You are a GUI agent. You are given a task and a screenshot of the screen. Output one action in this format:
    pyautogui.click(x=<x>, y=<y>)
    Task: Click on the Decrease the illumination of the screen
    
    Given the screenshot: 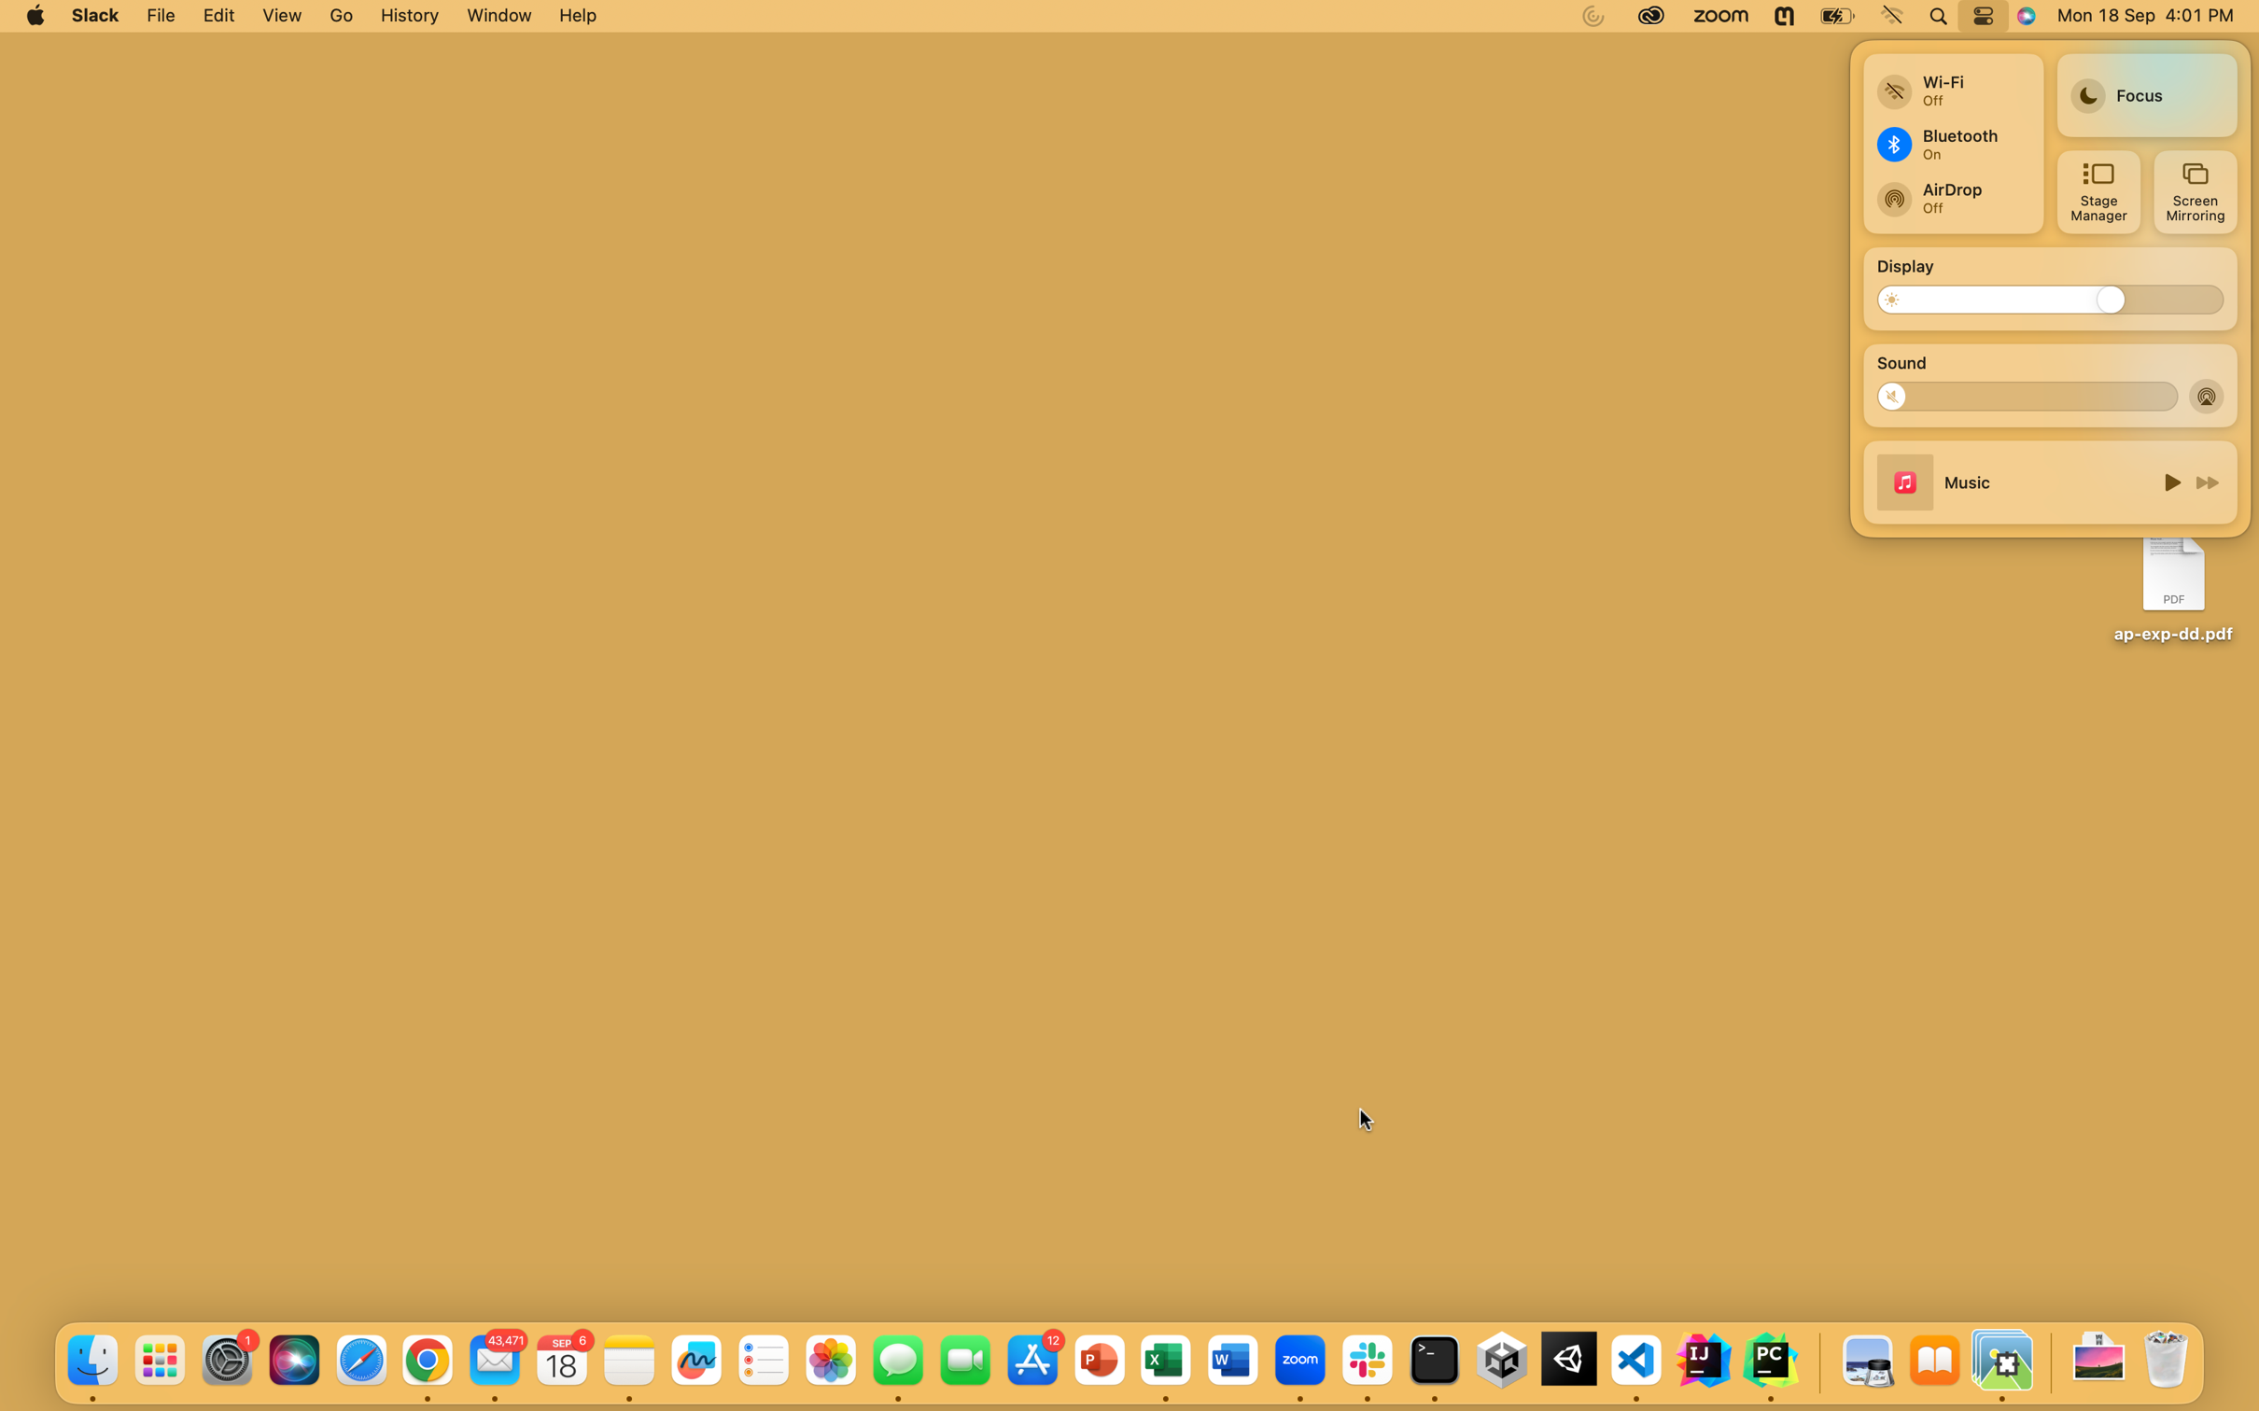 What is the action you would take?
    pyautogui.click(x=1901, y=298)
    